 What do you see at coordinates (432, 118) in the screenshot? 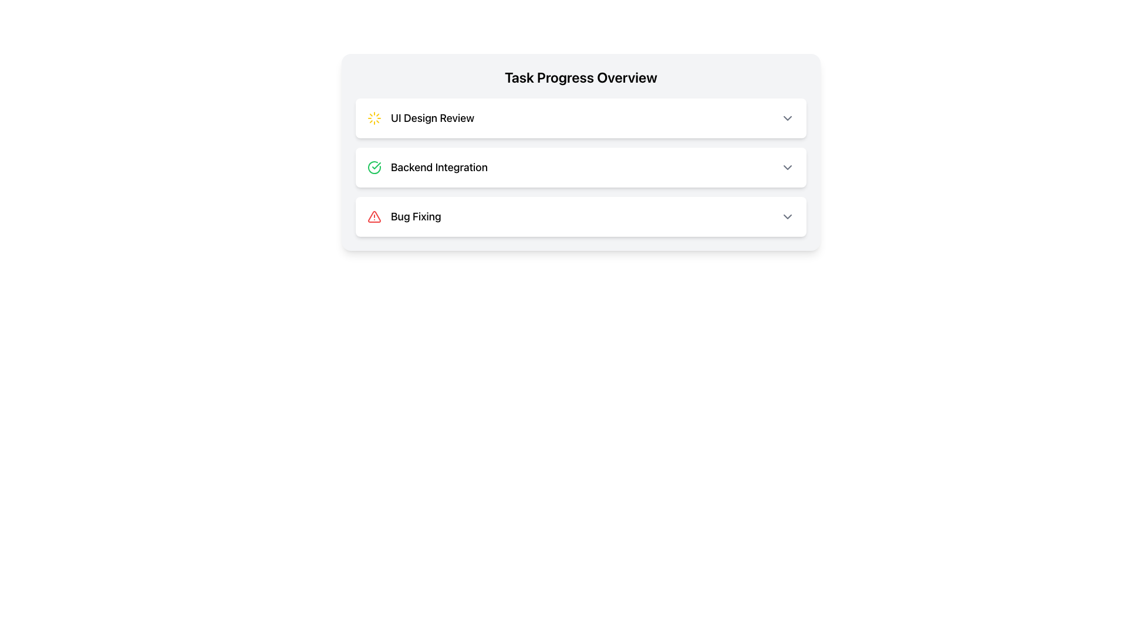
I see `text content of the 'UI Design Review' label, which is the first label in the vertical list of tasks under the 'Task Progress Overview' header and is located beside a yellow icon` at bounding box center [432, 118].